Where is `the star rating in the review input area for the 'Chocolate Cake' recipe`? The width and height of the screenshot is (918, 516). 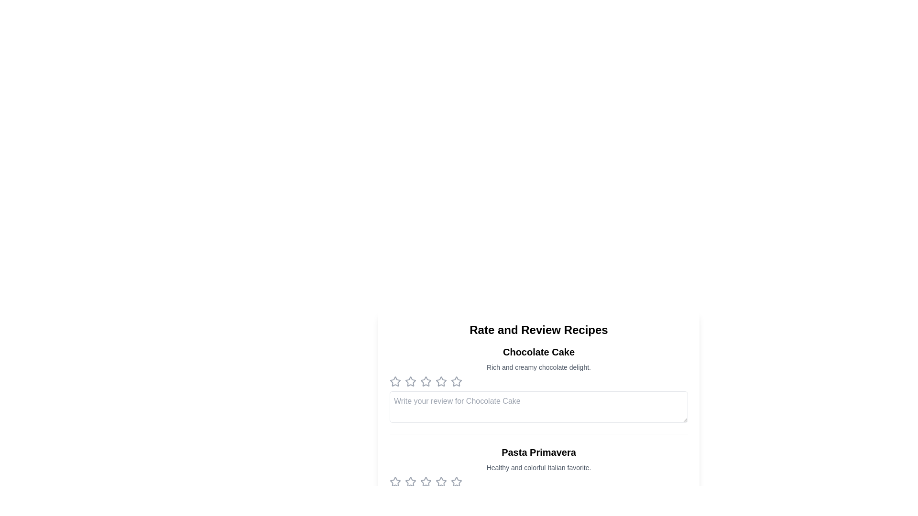
the star rating in the review input area for the 'Chocolate Cake' recipe is located at coordinates (539, 390).